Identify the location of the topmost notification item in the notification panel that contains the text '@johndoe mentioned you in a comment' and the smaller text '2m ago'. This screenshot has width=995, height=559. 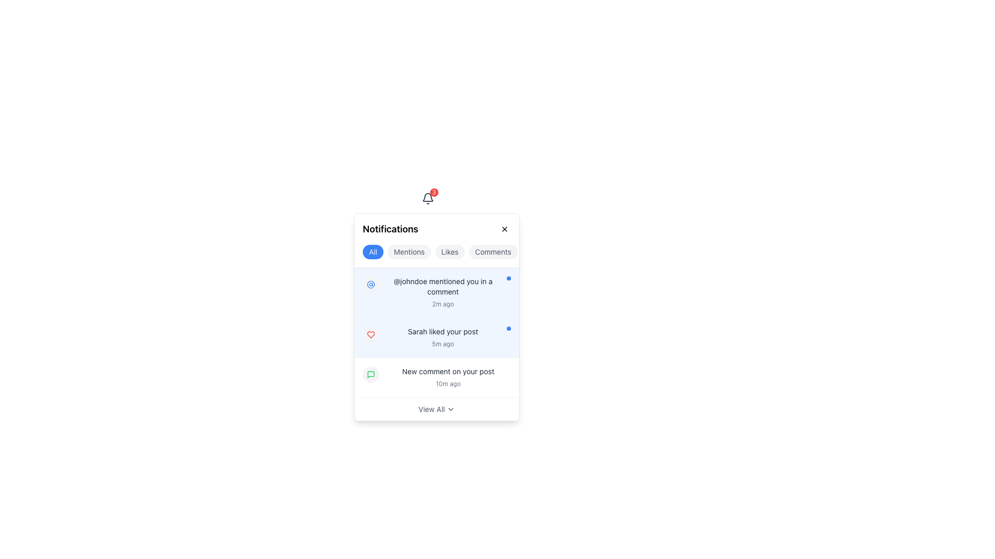
(443, 293).